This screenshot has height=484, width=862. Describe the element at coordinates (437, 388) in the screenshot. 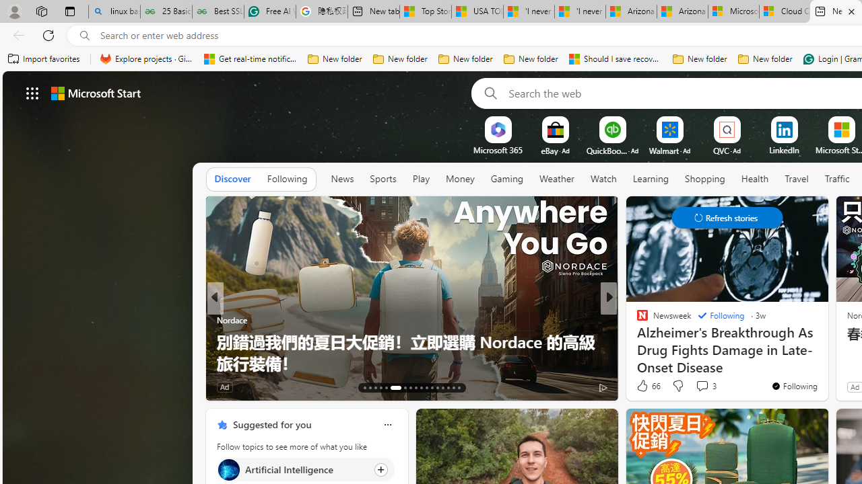

I see `'AutomationID: tab-25'` at that location.